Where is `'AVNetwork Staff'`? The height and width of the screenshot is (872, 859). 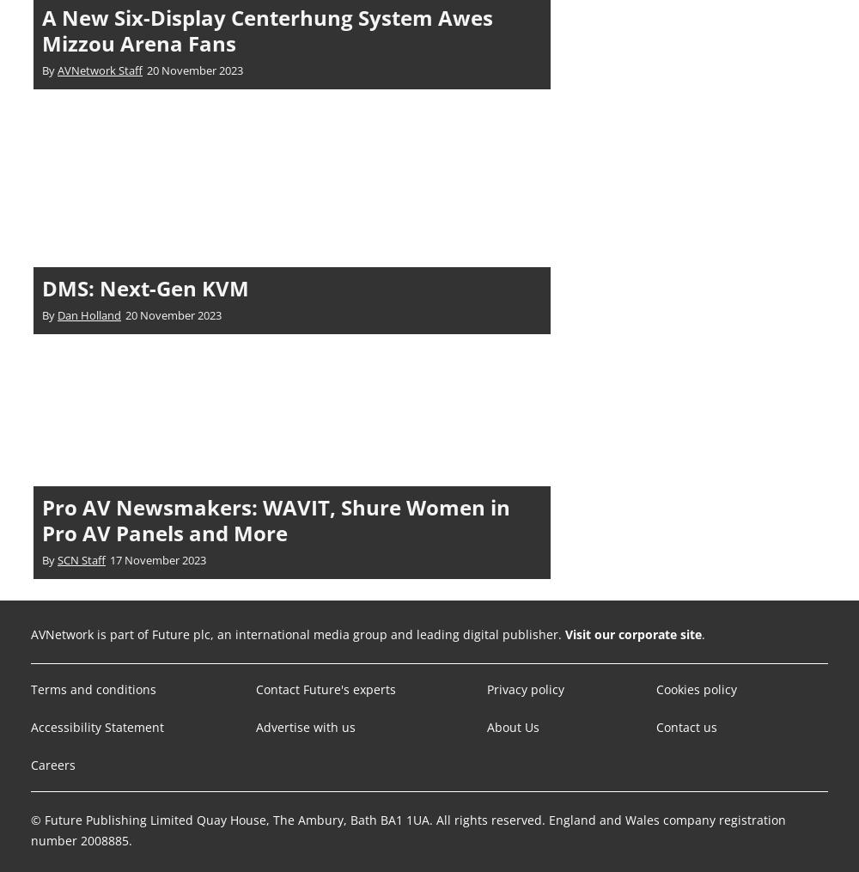 'AVNetwork Staff' is located at coordinates (57, 69).